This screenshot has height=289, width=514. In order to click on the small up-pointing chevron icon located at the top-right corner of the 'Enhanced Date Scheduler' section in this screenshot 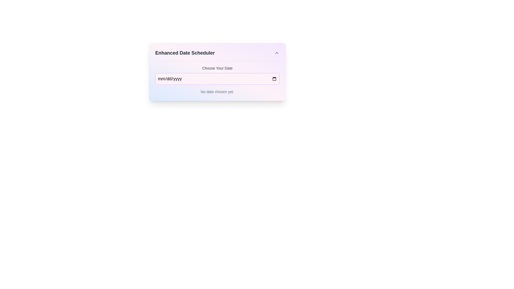, I will do `click(277, 53)`.